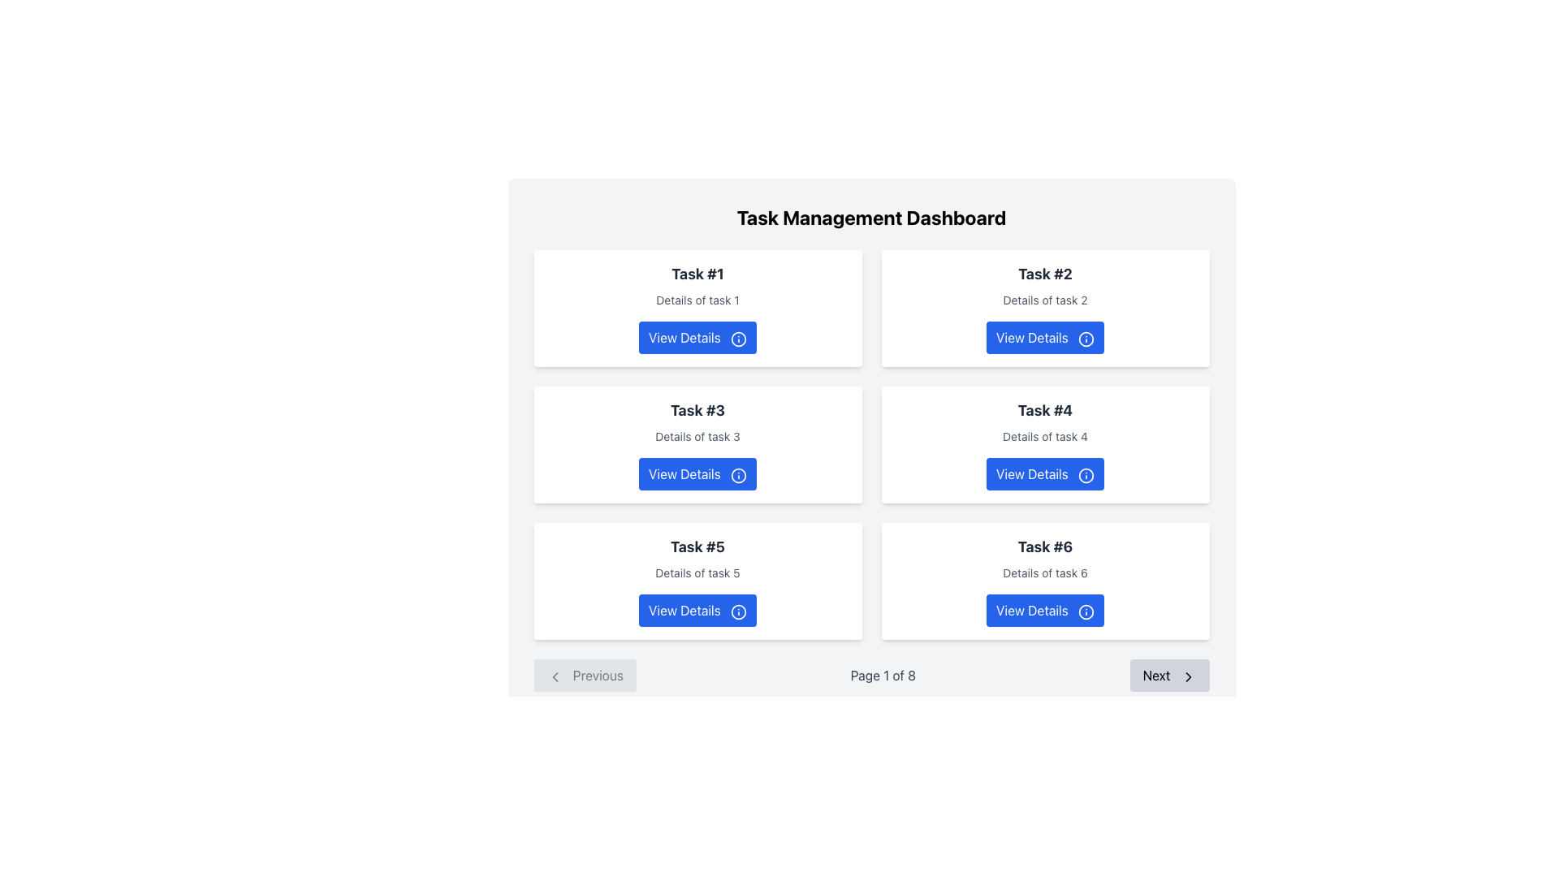  Describe the element at coordinates (1045, 337) in the screenshot. I see `the 'View Details' button located below the description text of 'Task #2' in the second card of a two-column grid layout` at that location.